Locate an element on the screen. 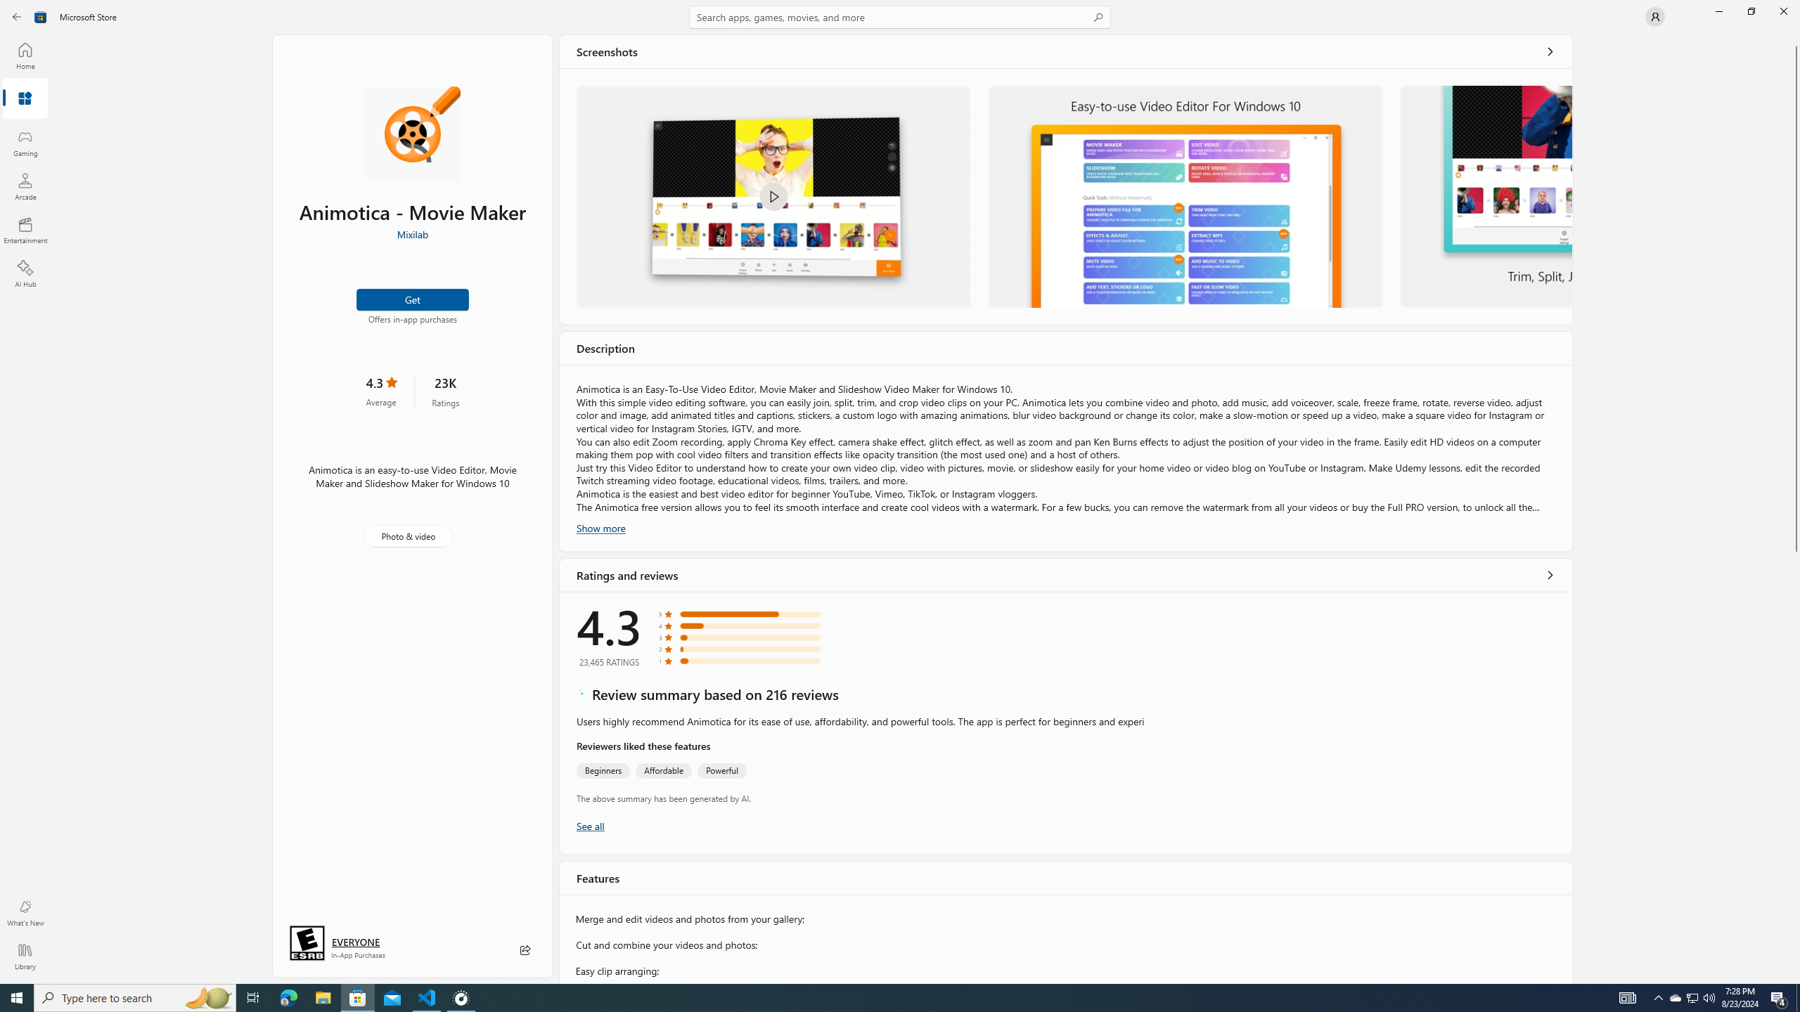 This screenshot has width=1800, height=1012. '4.3 stars. Click to skip to ratings and reviews' is located at coordinates (380, 390).